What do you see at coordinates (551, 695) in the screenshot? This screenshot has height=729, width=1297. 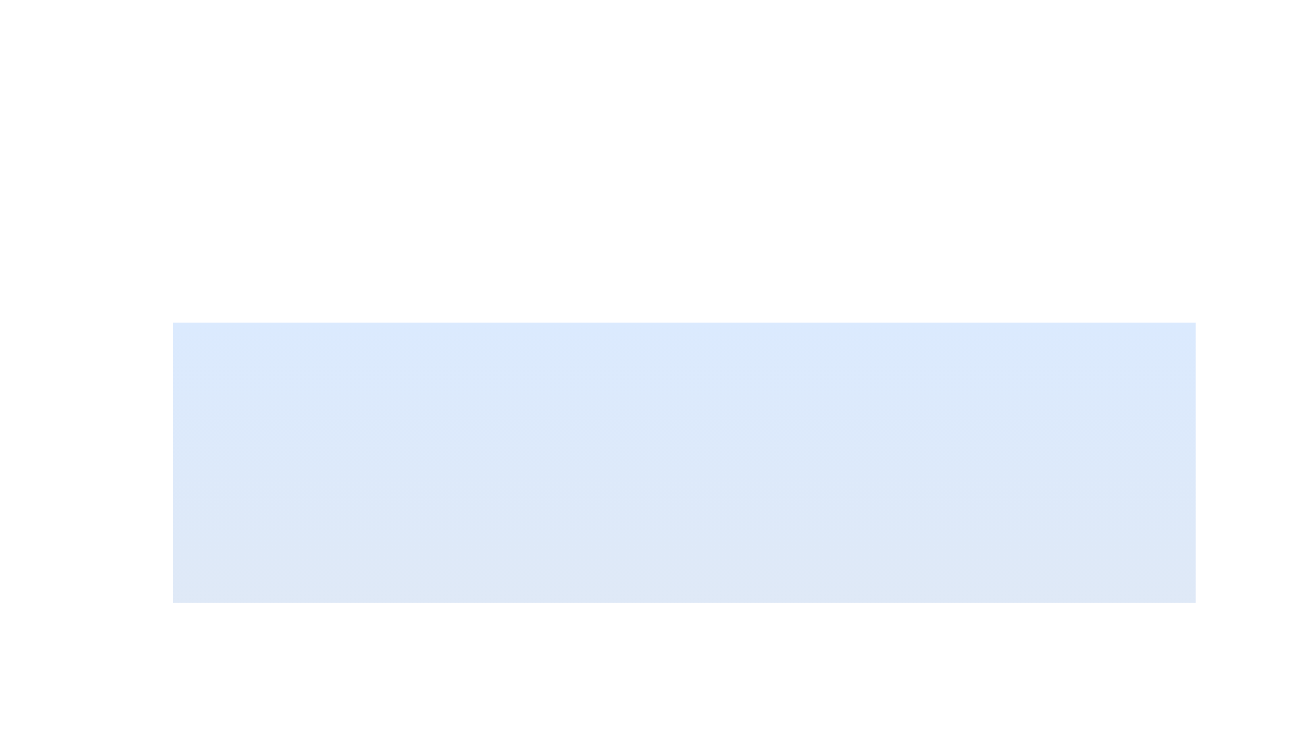 I see `the 'Toggle Details' button to toggle the visibility of the details section` at bounding box center [551, 695].